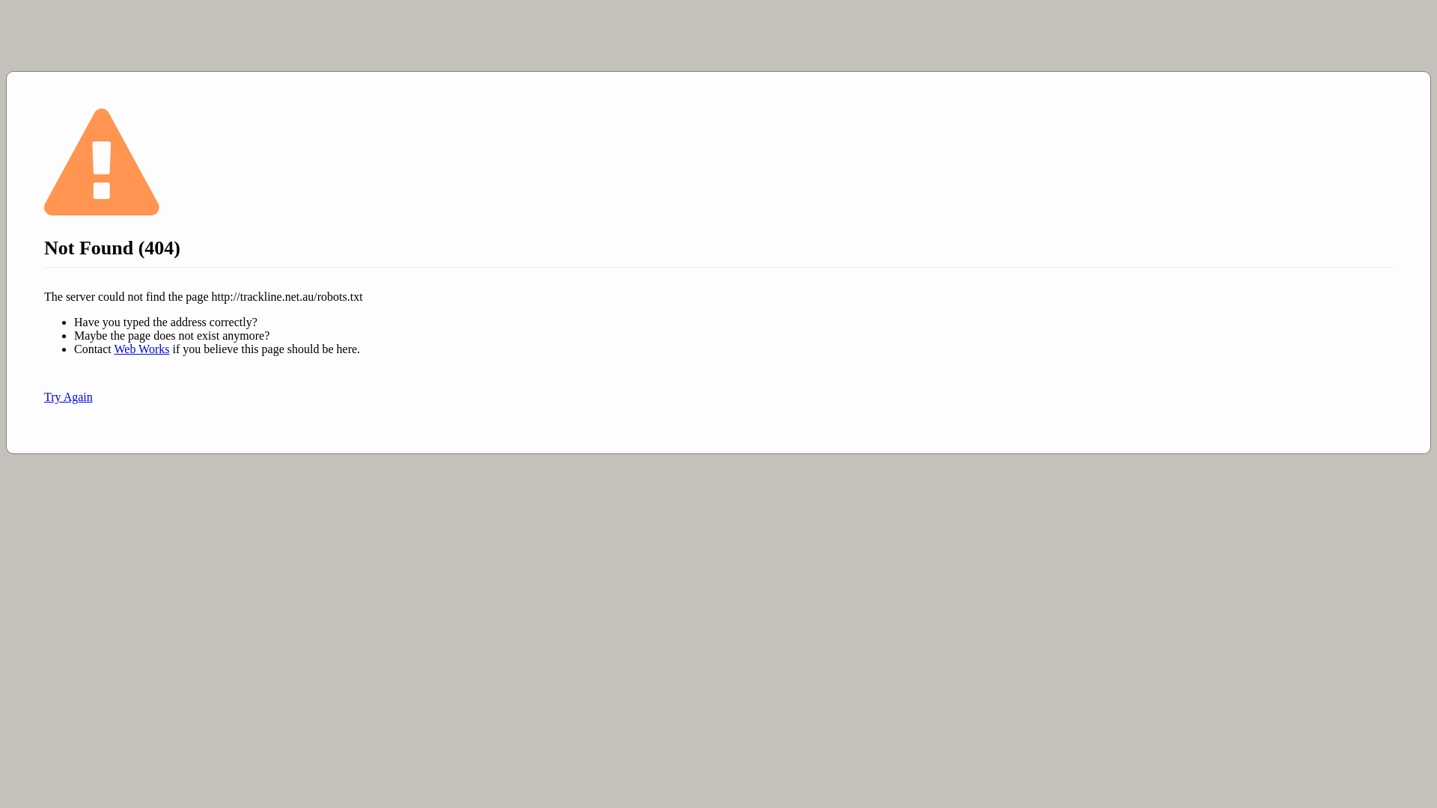  What do you see at coordinates (141, 349) in the screenshot?
I see `'Web Works'` at bounding box center [141, 349].